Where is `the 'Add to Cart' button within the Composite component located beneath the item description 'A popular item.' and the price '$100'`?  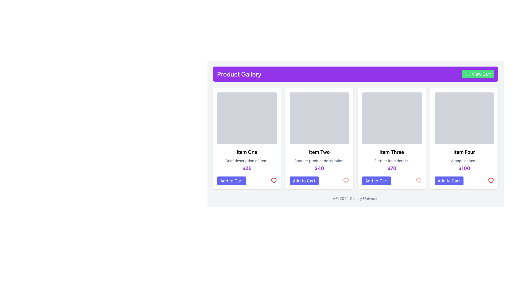
the 'Add to Cart' button within the Composite component located beneath the item description 'A popular item.' and the price '$100' is located at coordinates (464, 181).